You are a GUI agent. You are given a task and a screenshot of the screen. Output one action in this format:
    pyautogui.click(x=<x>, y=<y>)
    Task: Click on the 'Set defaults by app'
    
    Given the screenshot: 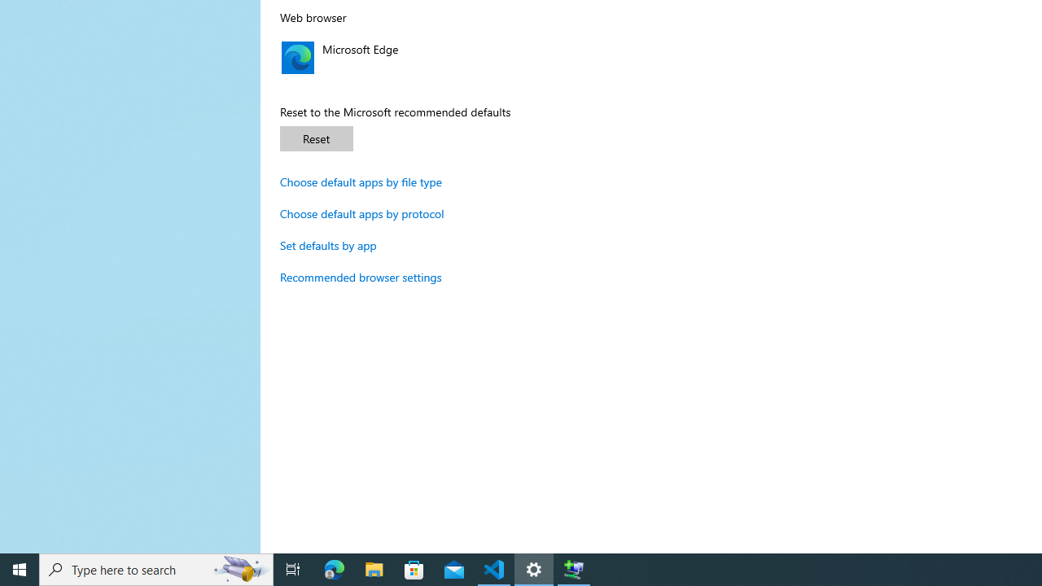 What is the action you would take?
    pyautogui.click(x=327, y=245)
    